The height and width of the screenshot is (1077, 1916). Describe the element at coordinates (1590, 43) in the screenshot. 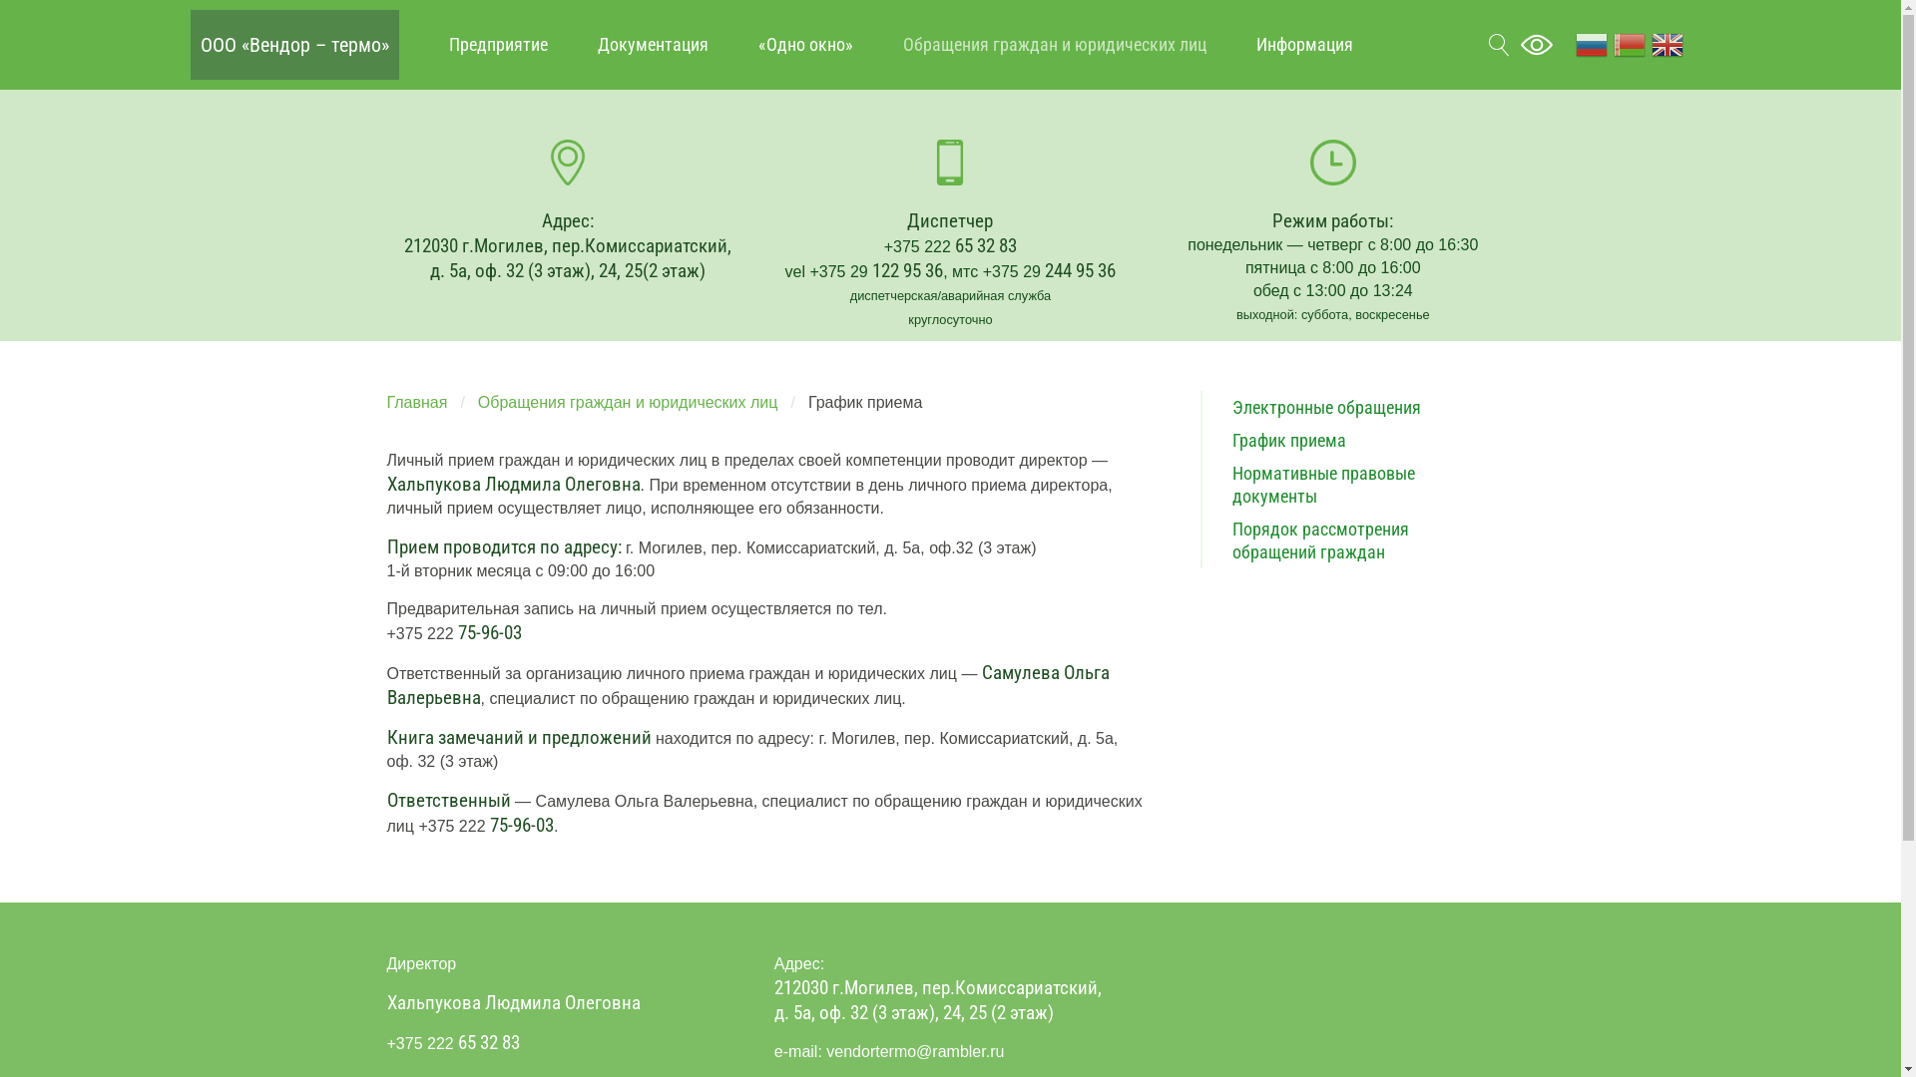

I see `'Russian'` at that location.